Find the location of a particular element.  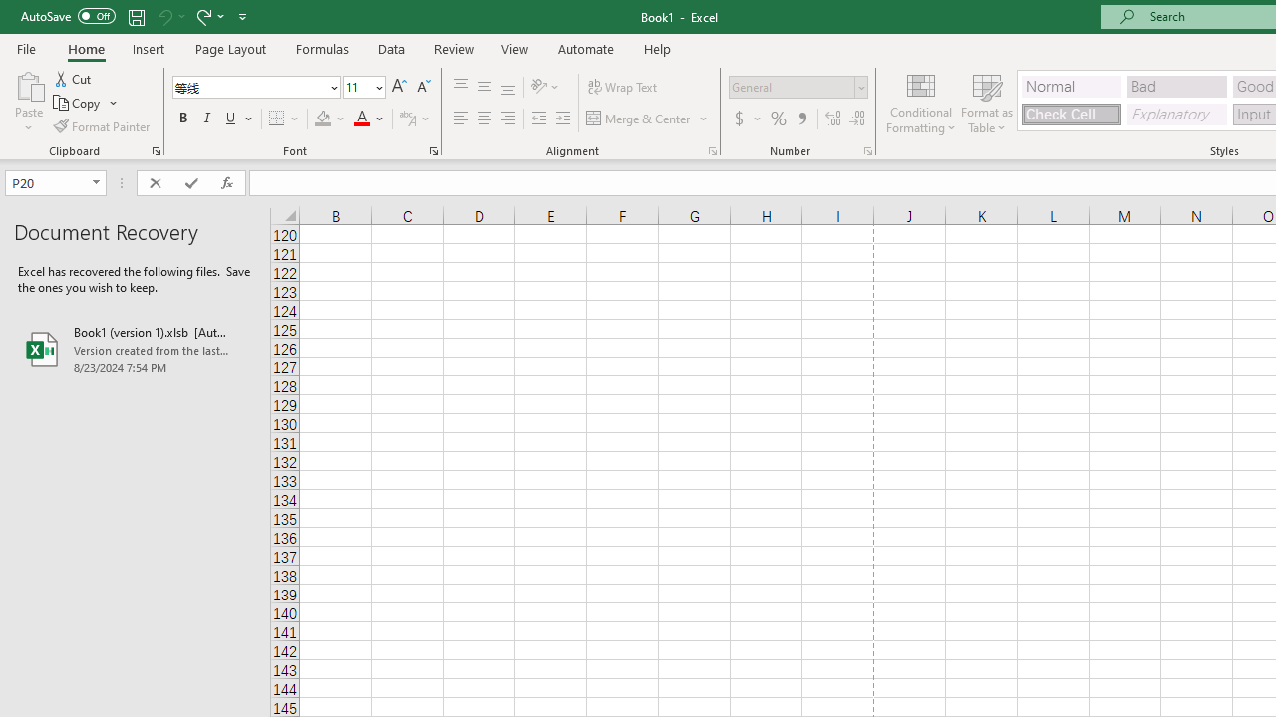

'Decrease Font Size' is located at coordinates (422, 86).